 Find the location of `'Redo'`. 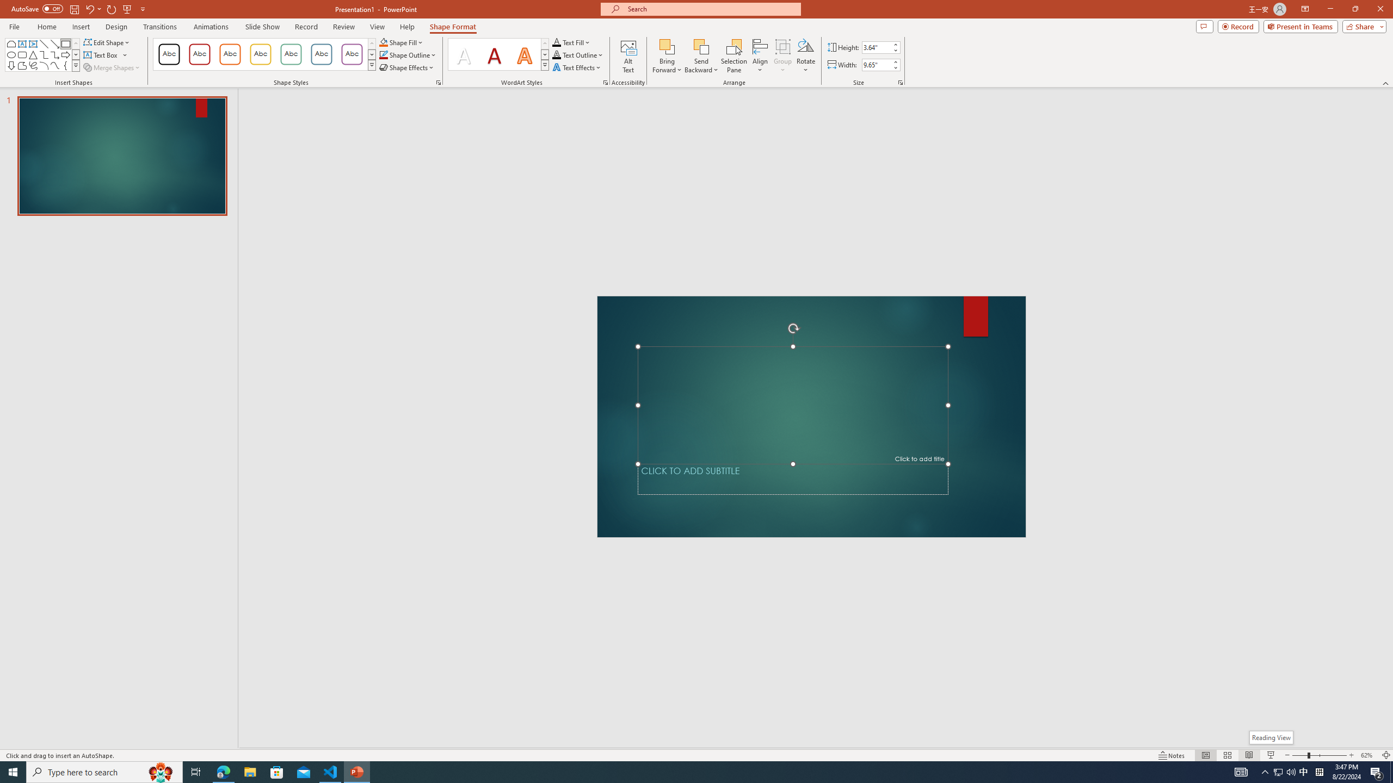

'Redo' is located at coordinates (112, 8).